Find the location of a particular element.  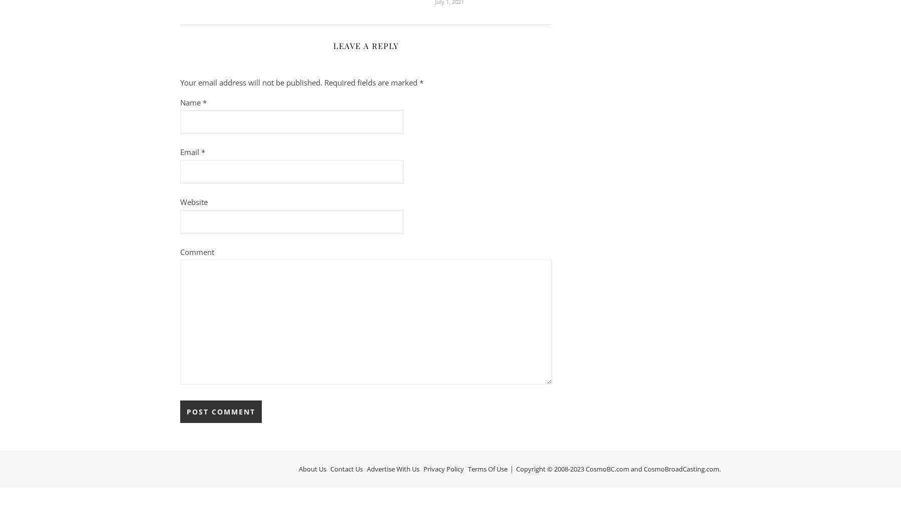

'Required fields are marked' is located at coordinates (371, 81).